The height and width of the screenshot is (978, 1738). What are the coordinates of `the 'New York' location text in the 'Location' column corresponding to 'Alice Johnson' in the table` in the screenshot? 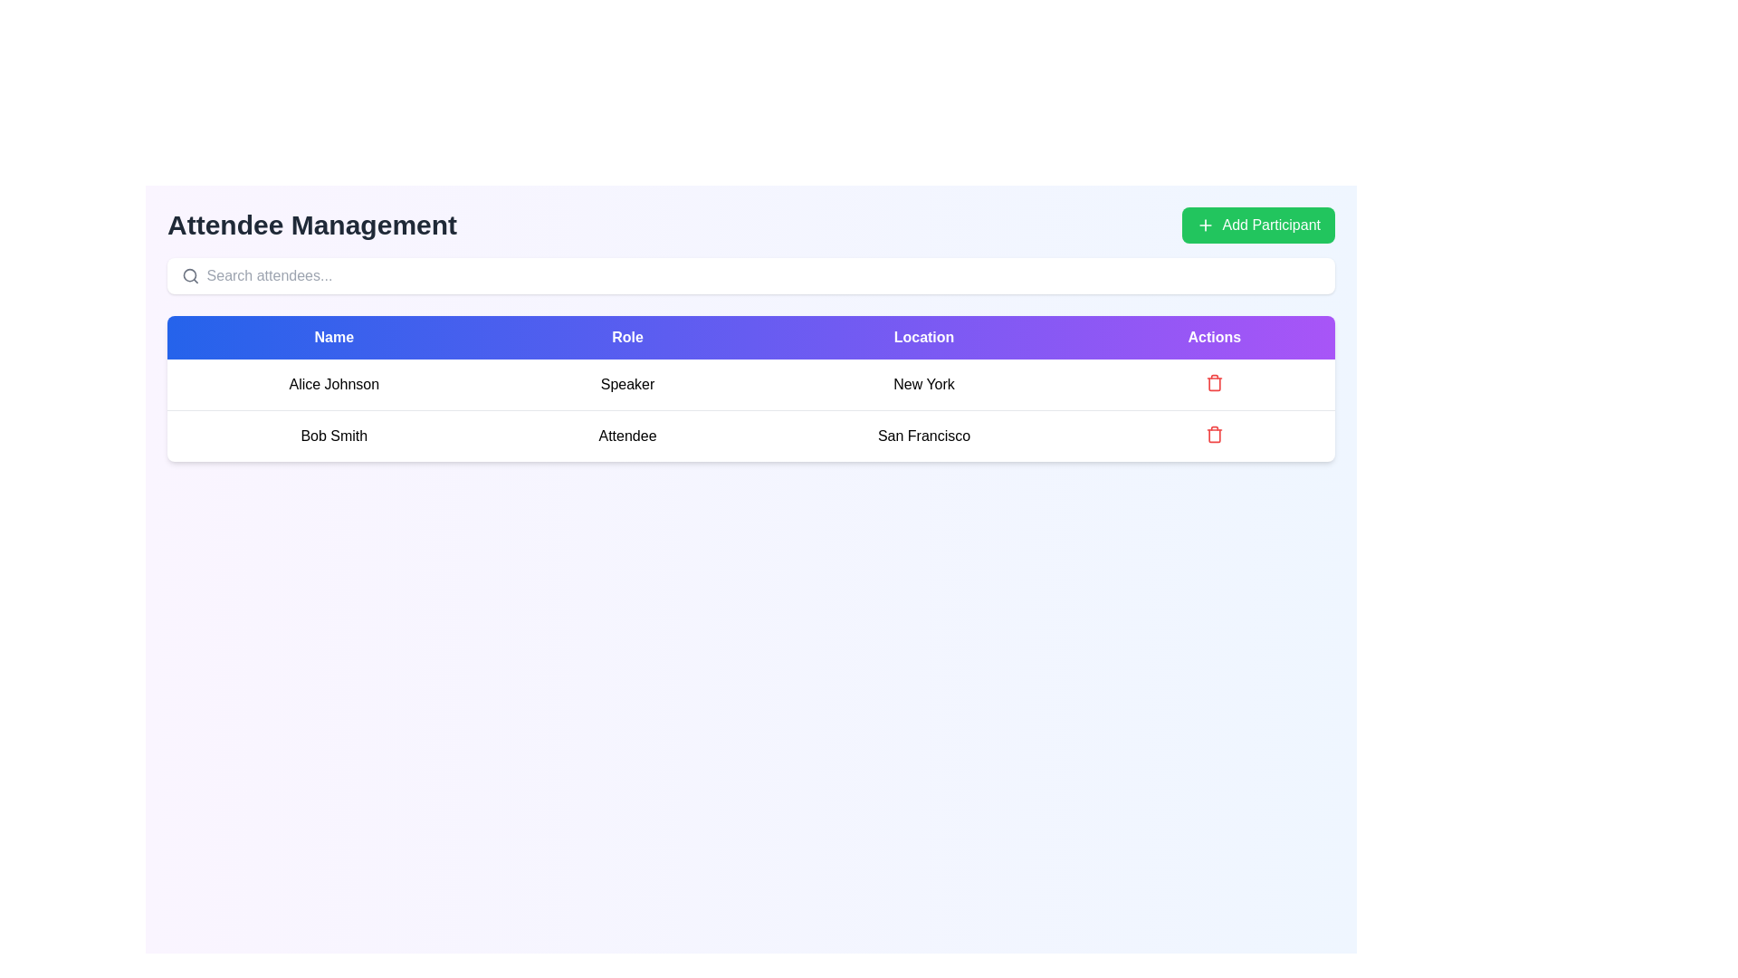 It's located at (924, 384).